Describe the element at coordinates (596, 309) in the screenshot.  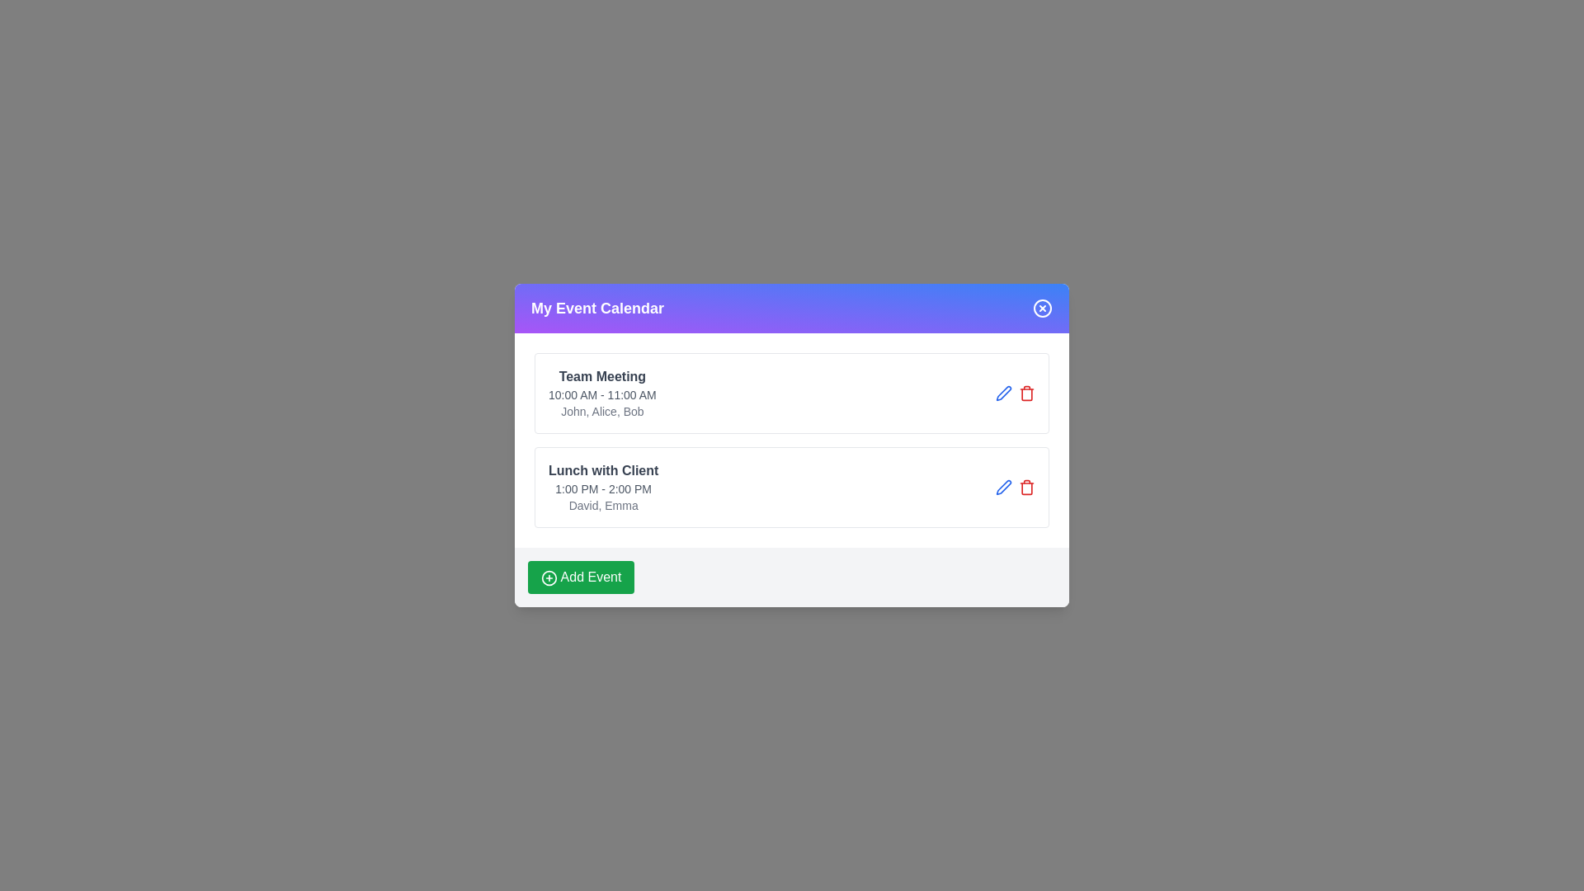
I see `text displayed by the 'My Event Calendar' text label, which is styled with a large, bold font and white color in the header section of the Event Calendar` at that location.